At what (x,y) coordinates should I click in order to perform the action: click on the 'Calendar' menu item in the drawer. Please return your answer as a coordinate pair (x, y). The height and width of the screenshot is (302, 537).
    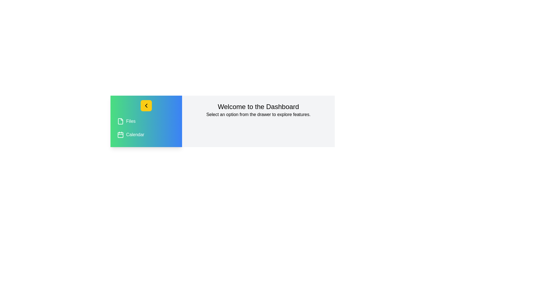
    Looking at the image, I should click on (146, 135).